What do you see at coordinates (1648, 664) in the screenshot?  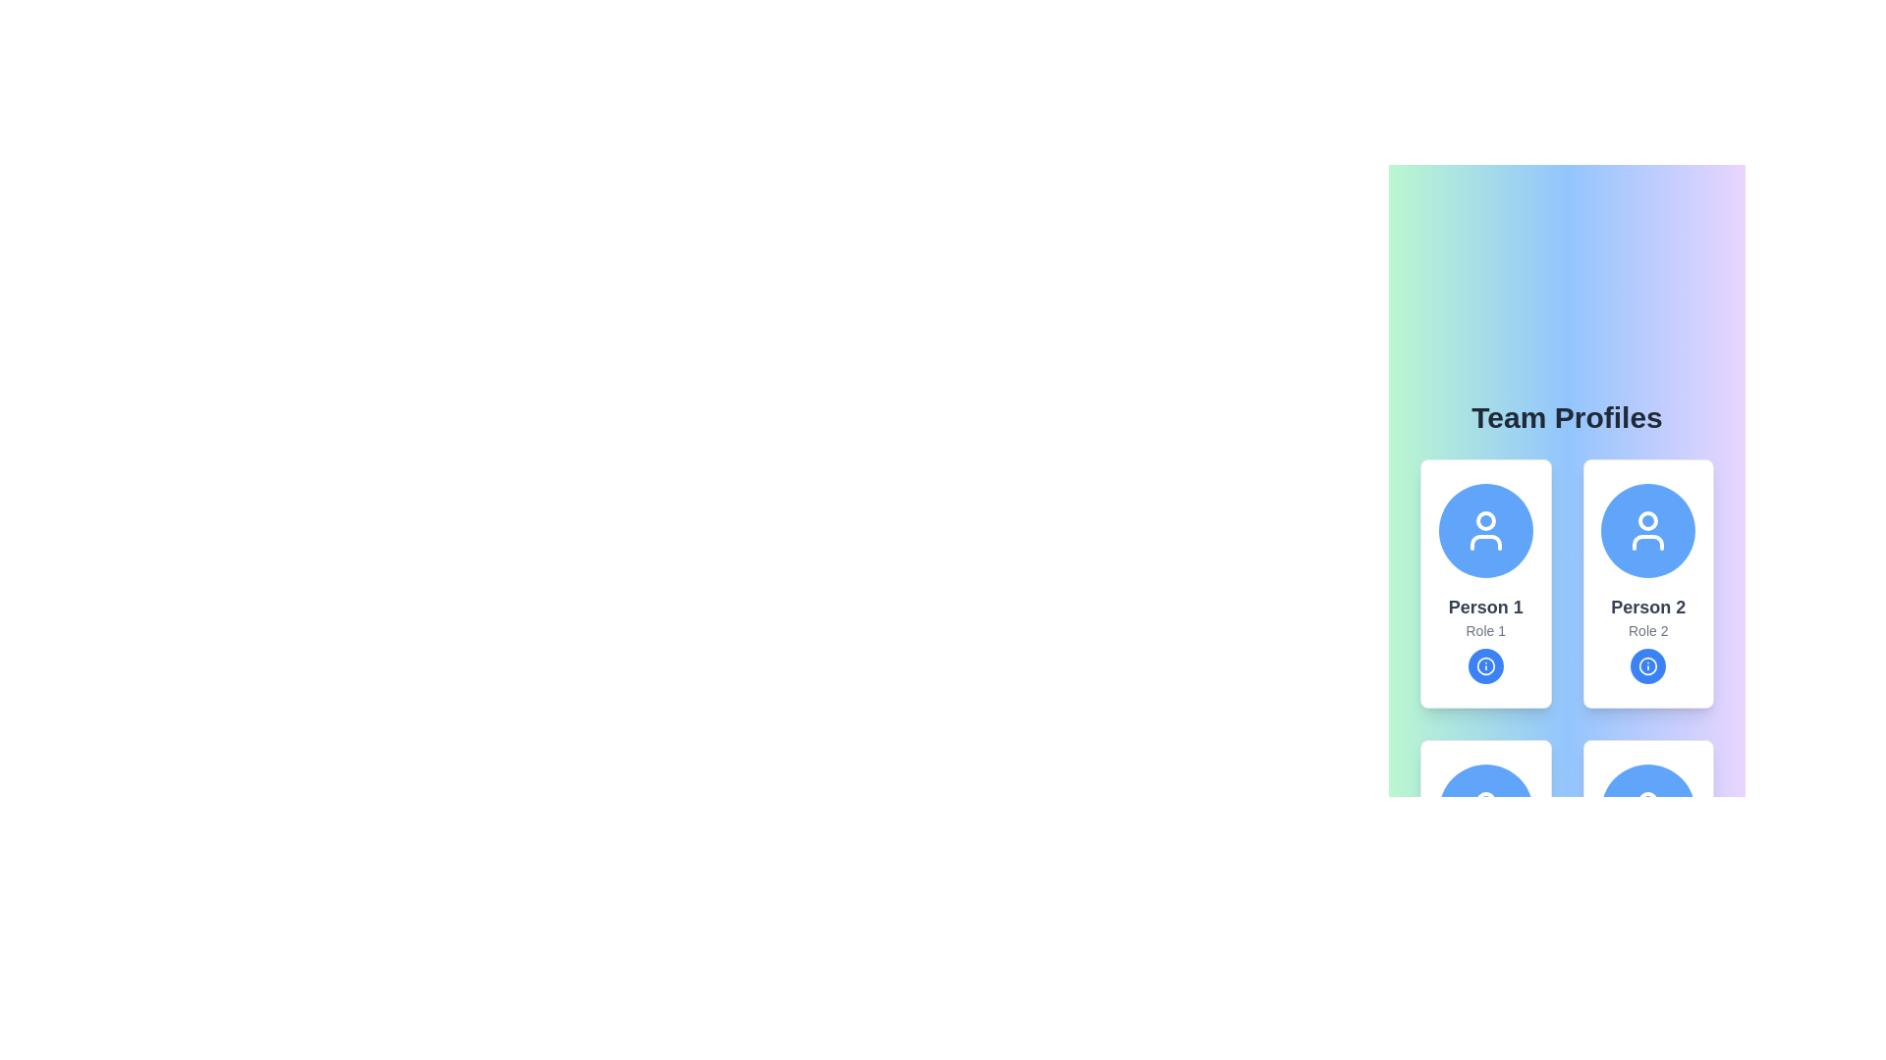 I see `the information icon within the SVG structure located beneath the second profile card in the 'Team Profiles' section` at bounding box center [1648, 664].